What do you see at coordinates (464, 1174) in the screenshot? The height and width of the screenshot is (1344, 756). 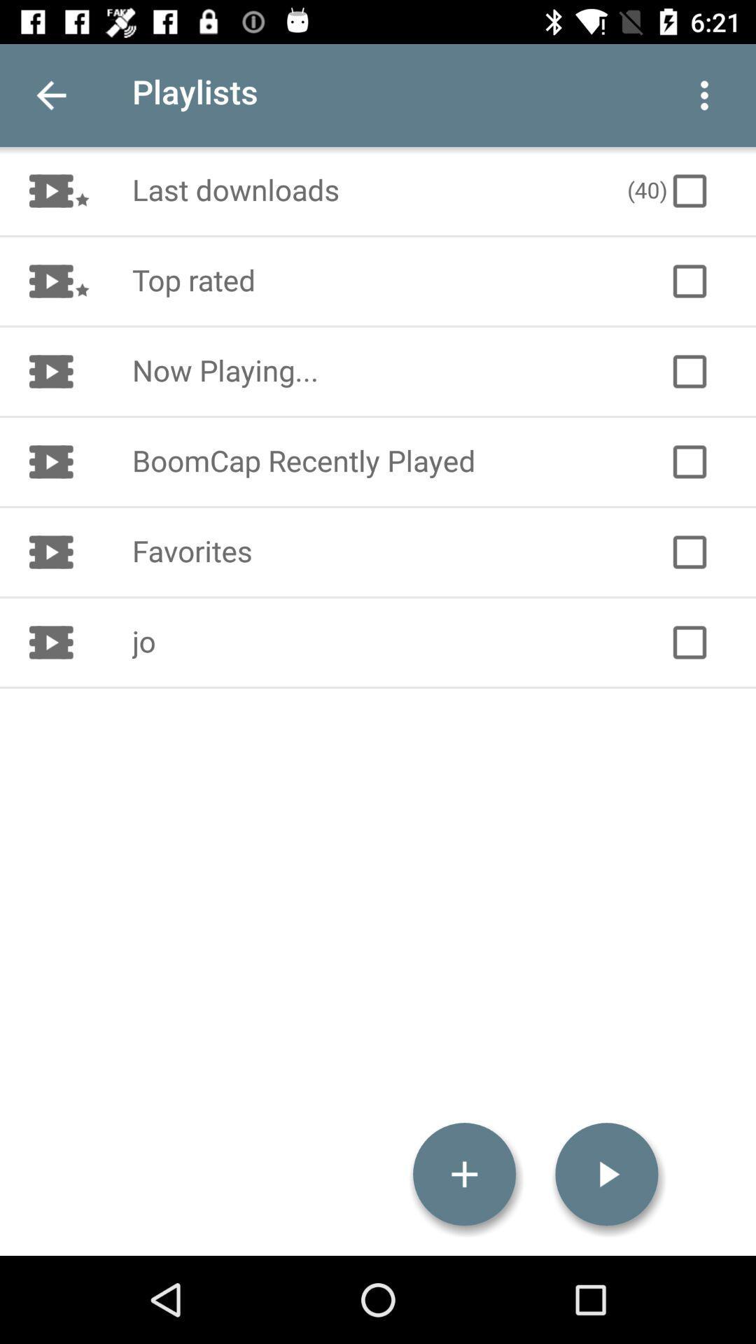 I see `the add icon` at bounding box center [464, 1174].